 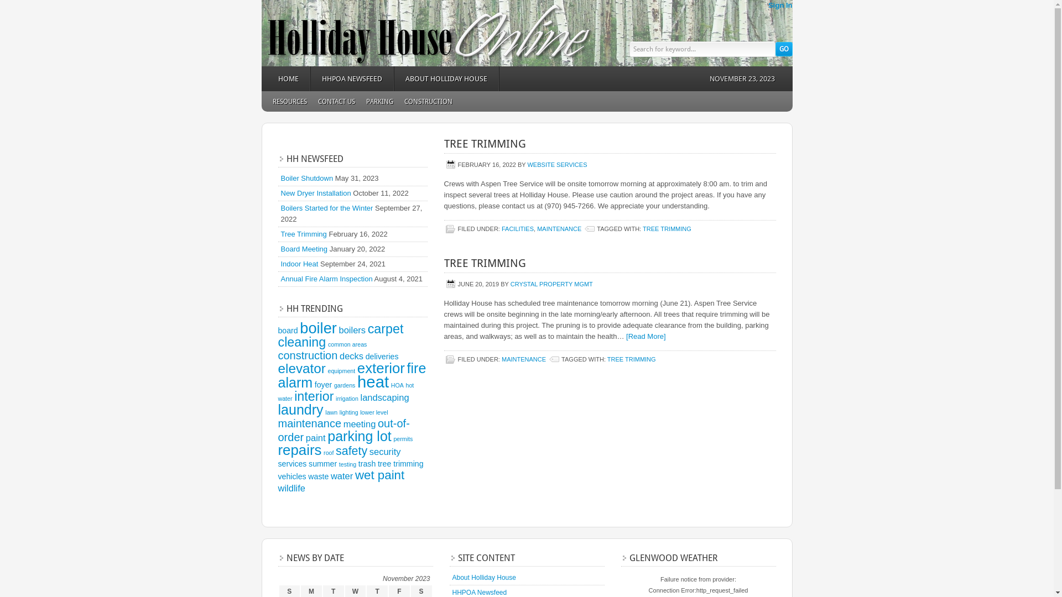 I want to click on 'parking lot', so click(x=326, y=436).